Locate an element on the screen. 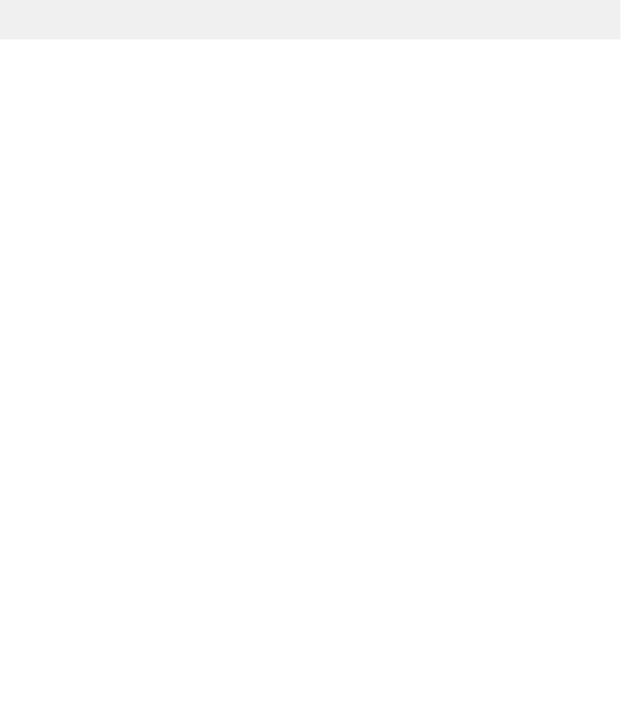  'Jocavi Unveils Soundspace Pro Room Systems' is located at coordinates (151, 129).